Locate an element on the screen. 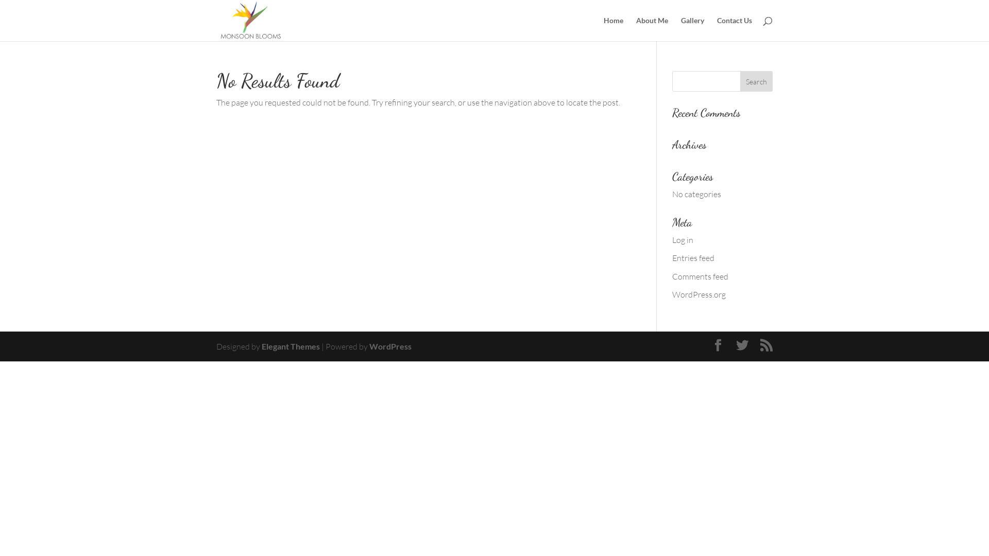  'WordPress.org' is located at coordinates (699, 294).